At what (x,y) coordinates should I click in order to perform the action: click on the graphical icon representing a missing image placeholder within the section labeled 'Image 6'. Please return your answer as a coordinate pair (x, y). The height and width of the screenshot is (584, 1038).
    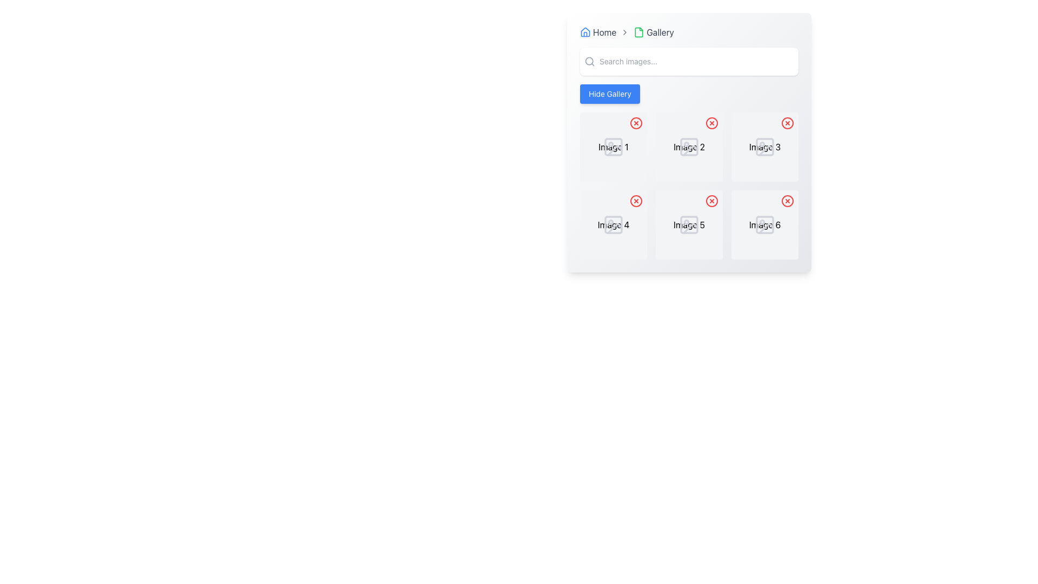
    Looking at the image, I should click on (764, 224).